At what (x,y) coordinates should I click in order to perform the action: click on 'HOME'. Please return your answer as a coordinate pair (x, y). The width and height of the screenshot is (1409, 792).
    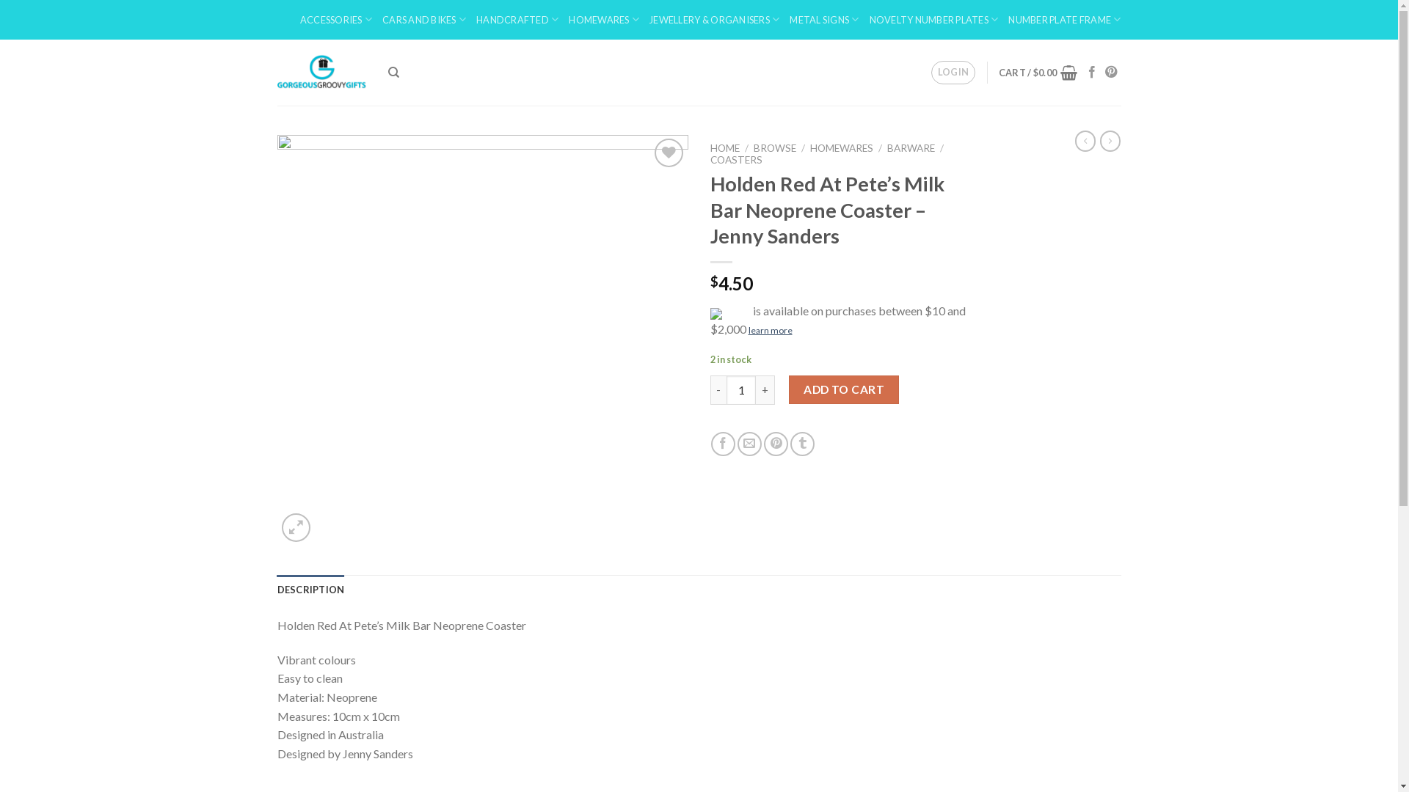
    Looking at the image, I should click on (725, 147).